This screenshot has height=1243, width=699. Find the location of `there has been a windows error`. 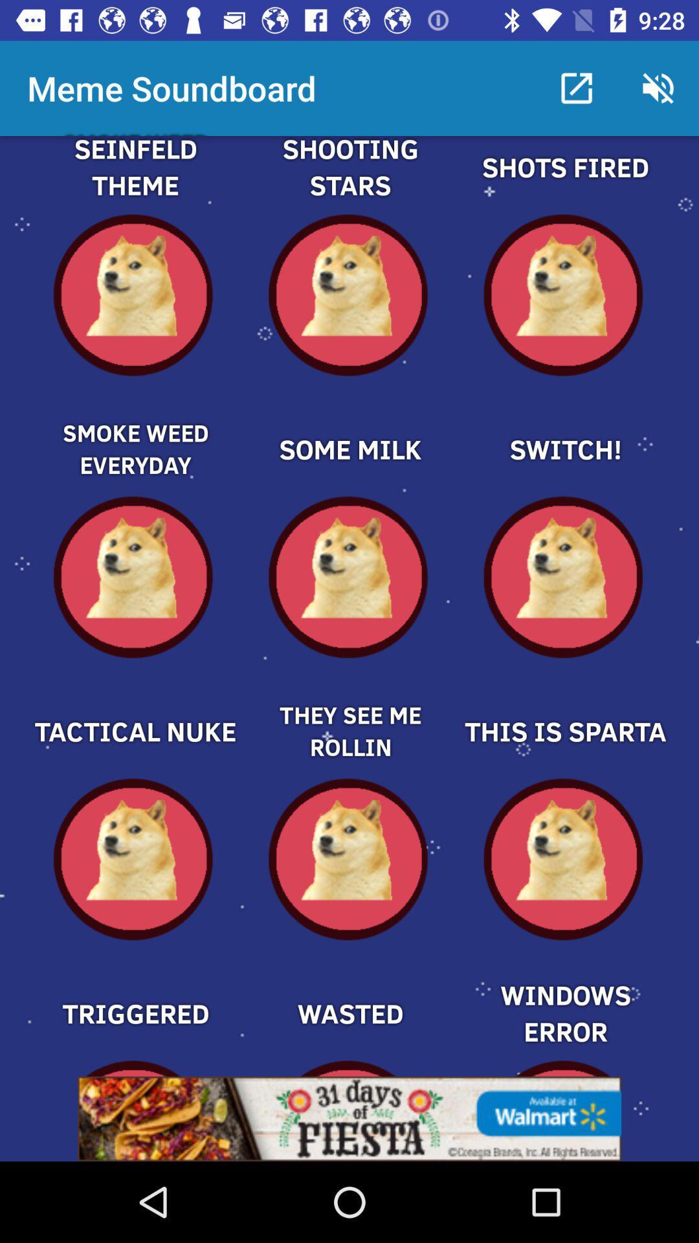

there has been a windows error is located at coordinates (564, 991).